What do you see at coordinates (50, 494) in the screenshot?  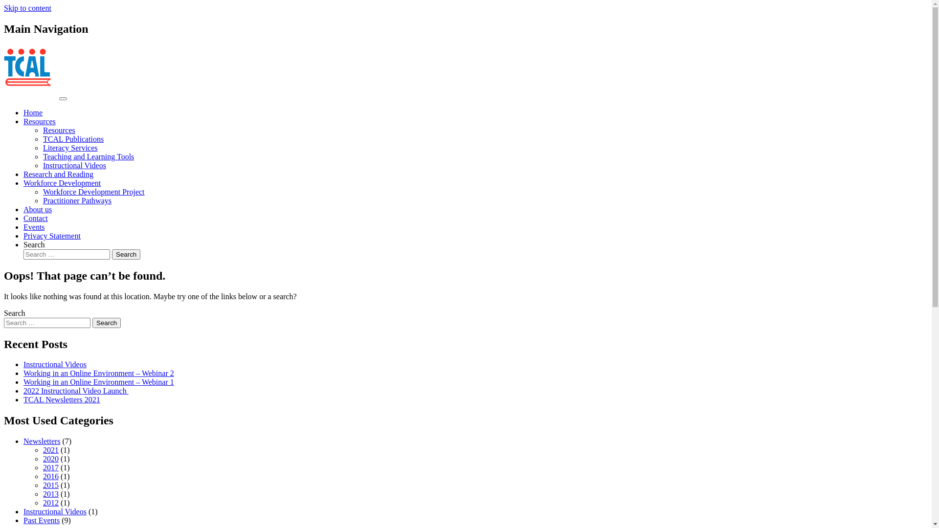 I see `'2013'` at bounding box center [50, 494].